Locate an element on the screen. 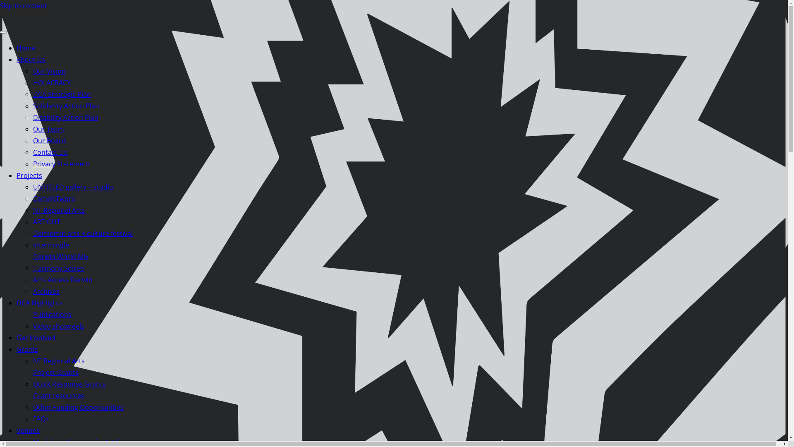 The height and width of the screenshot is (447, 794). 'Disability Action Plan' is located at coordinates (65, 118).